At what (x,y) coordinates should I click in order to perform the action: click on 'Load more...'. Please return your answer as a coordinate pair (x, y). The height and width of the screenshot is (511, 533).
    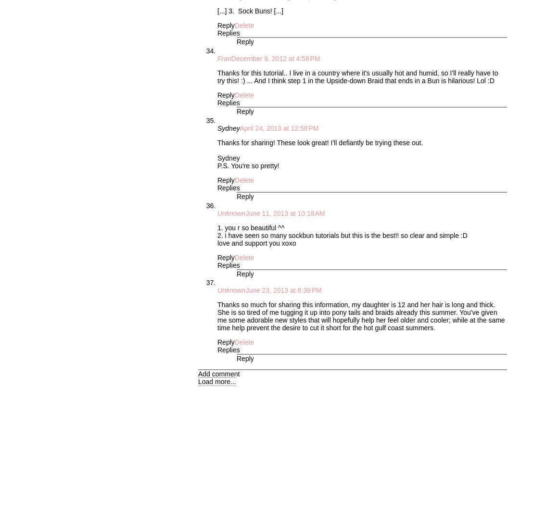
    Looking at the image, I should click on (216, 381).